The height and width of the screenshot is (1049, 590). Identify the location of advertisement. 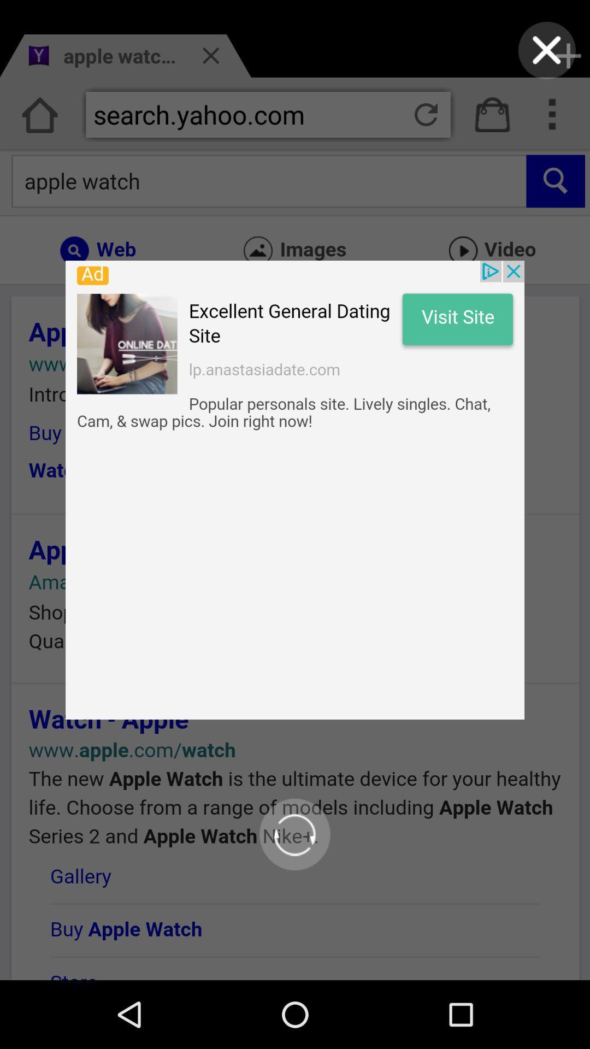
(295, 490).